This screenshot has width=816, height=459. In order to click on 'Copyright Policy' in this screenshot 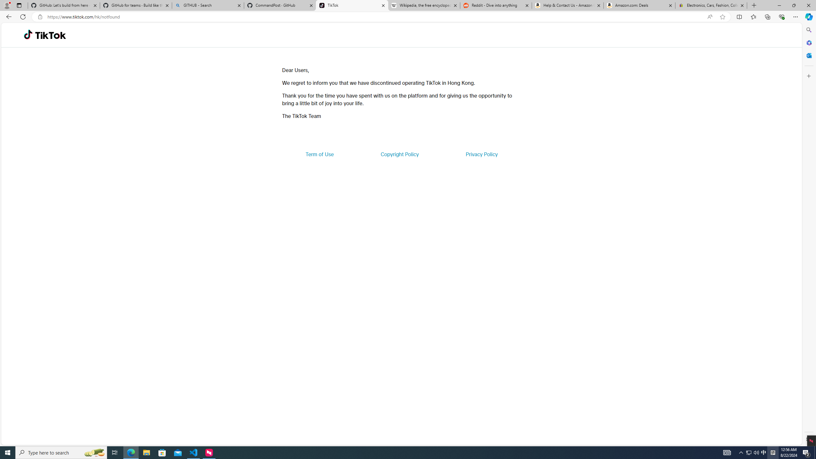, I will do `click(399, 154)`.